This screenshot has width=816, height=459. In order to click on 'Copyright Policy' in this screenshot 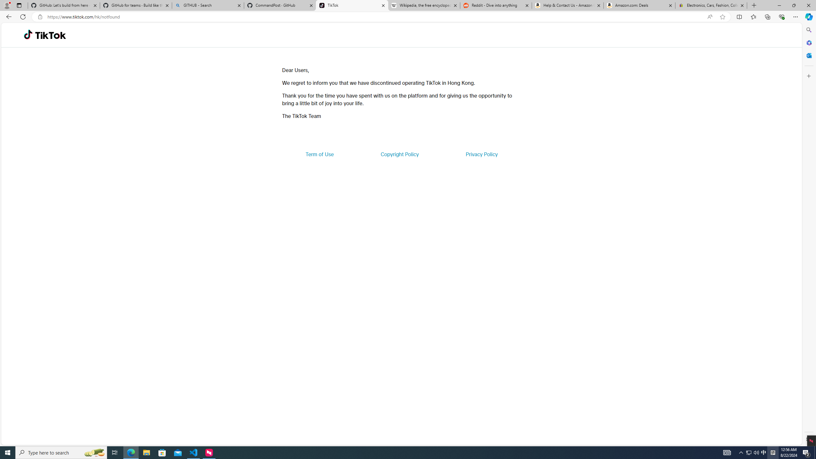, I will do `click(399, 154)`.